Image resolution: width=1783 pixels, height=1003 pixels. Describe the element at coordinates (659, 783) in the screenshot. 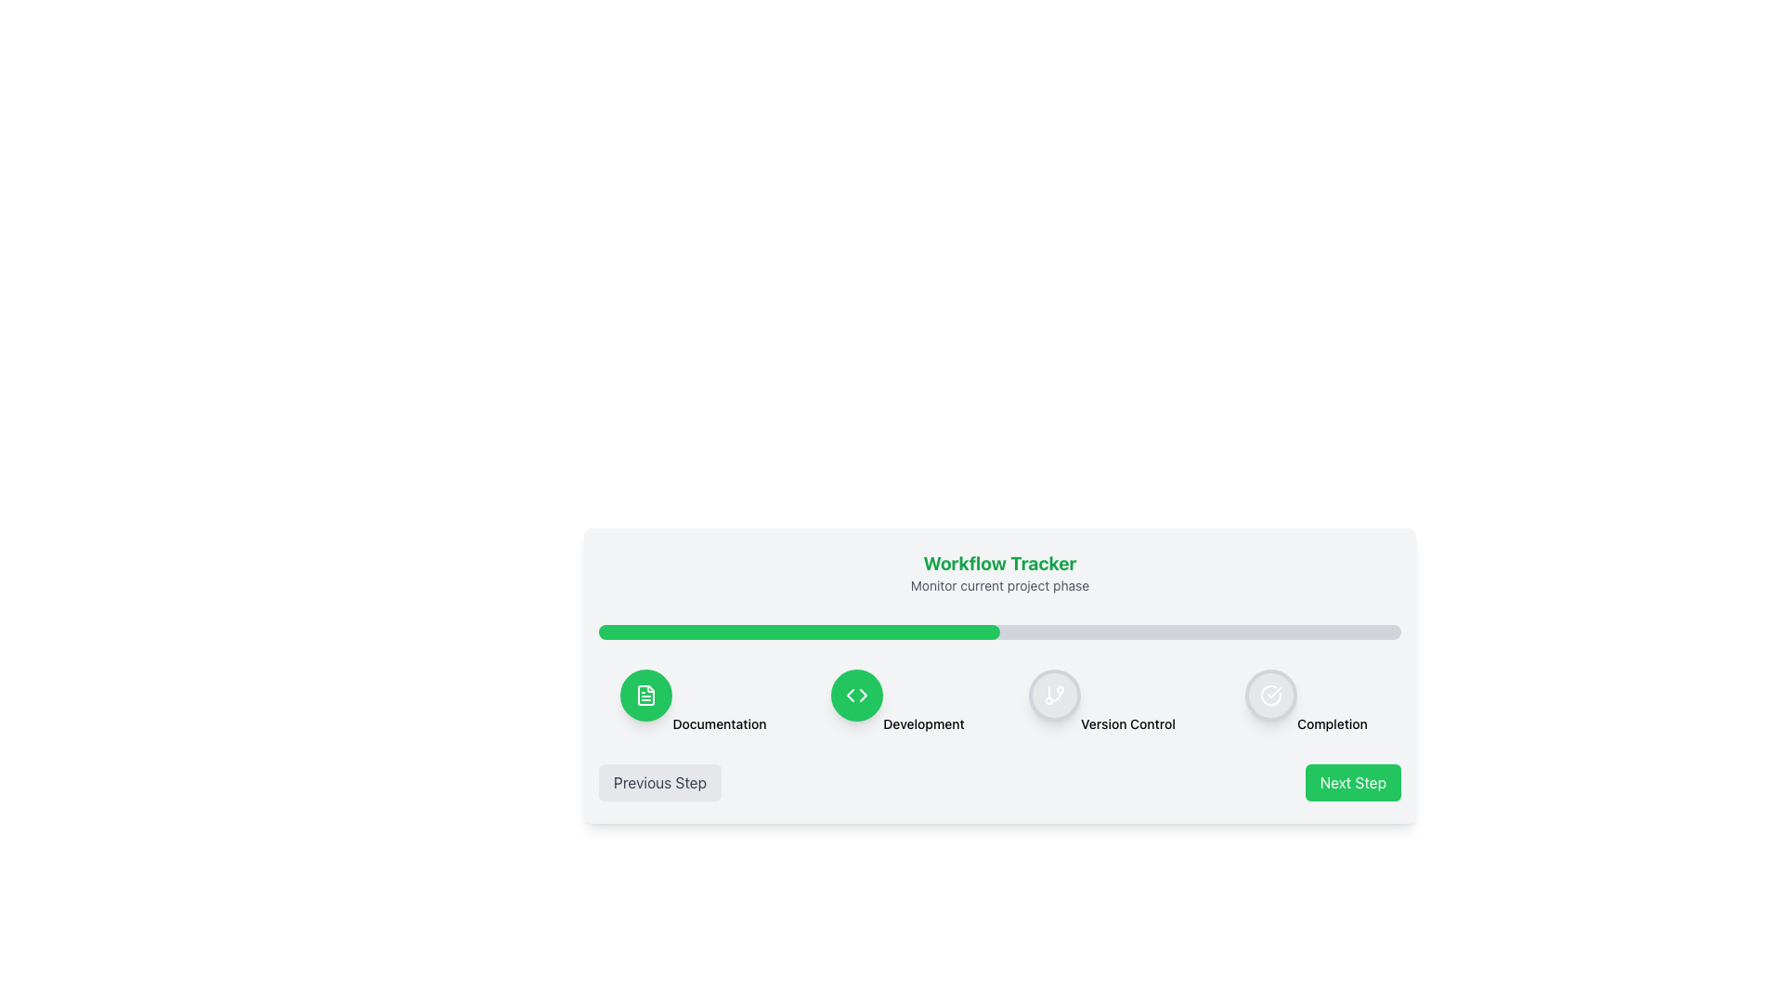

I see `the leftmost button in the bottom-left corner of the navigation section to change its background color` at that location.